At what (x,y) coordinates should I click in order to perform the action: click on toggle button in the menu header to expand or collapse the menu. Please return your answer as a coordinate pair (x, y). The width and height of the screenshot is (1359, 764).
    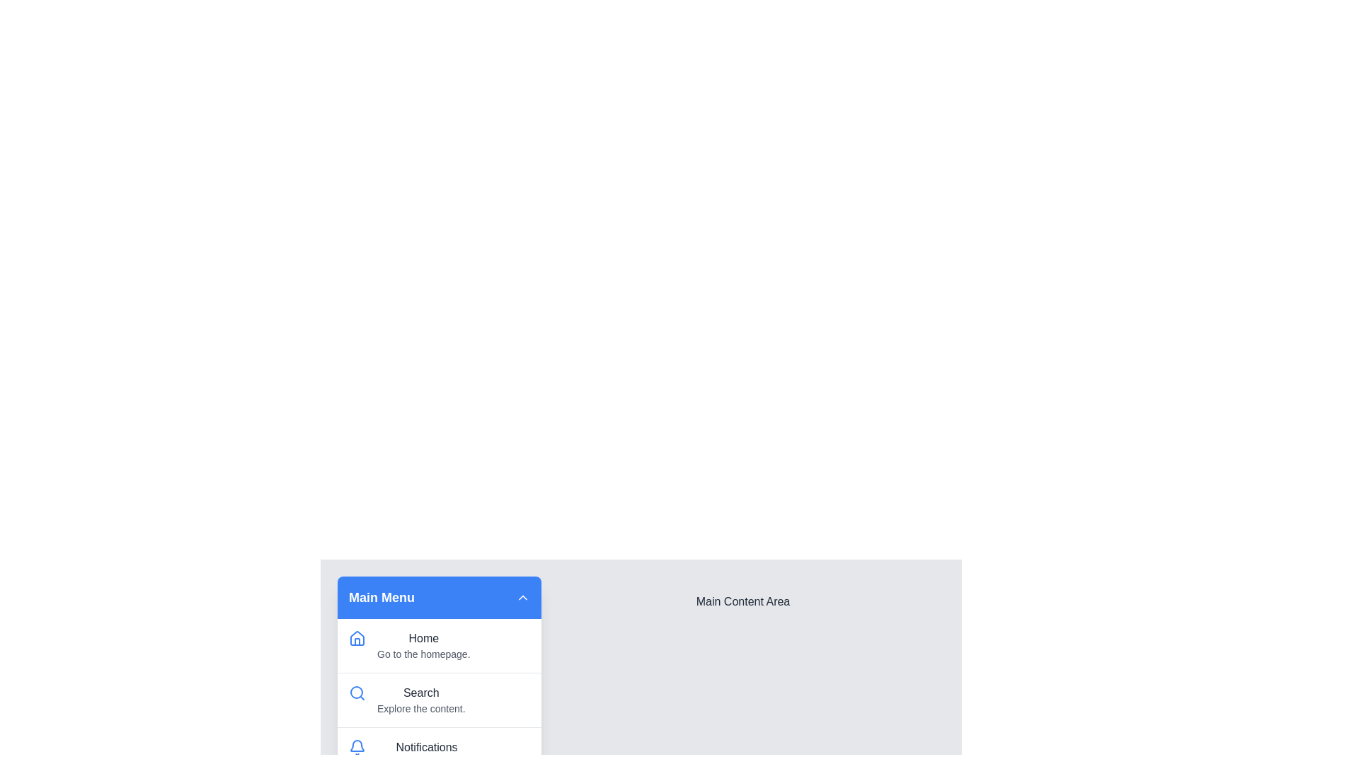
    Looking at the image, I should click on (522, 597).